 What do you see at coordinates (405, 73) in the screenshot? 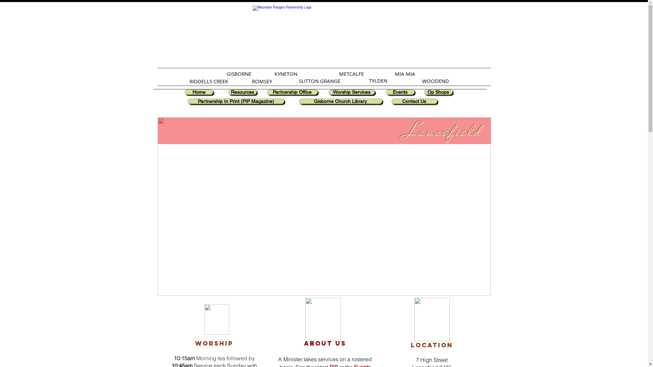
I see `'MIA MIA'` at bounding box center [405, 73].